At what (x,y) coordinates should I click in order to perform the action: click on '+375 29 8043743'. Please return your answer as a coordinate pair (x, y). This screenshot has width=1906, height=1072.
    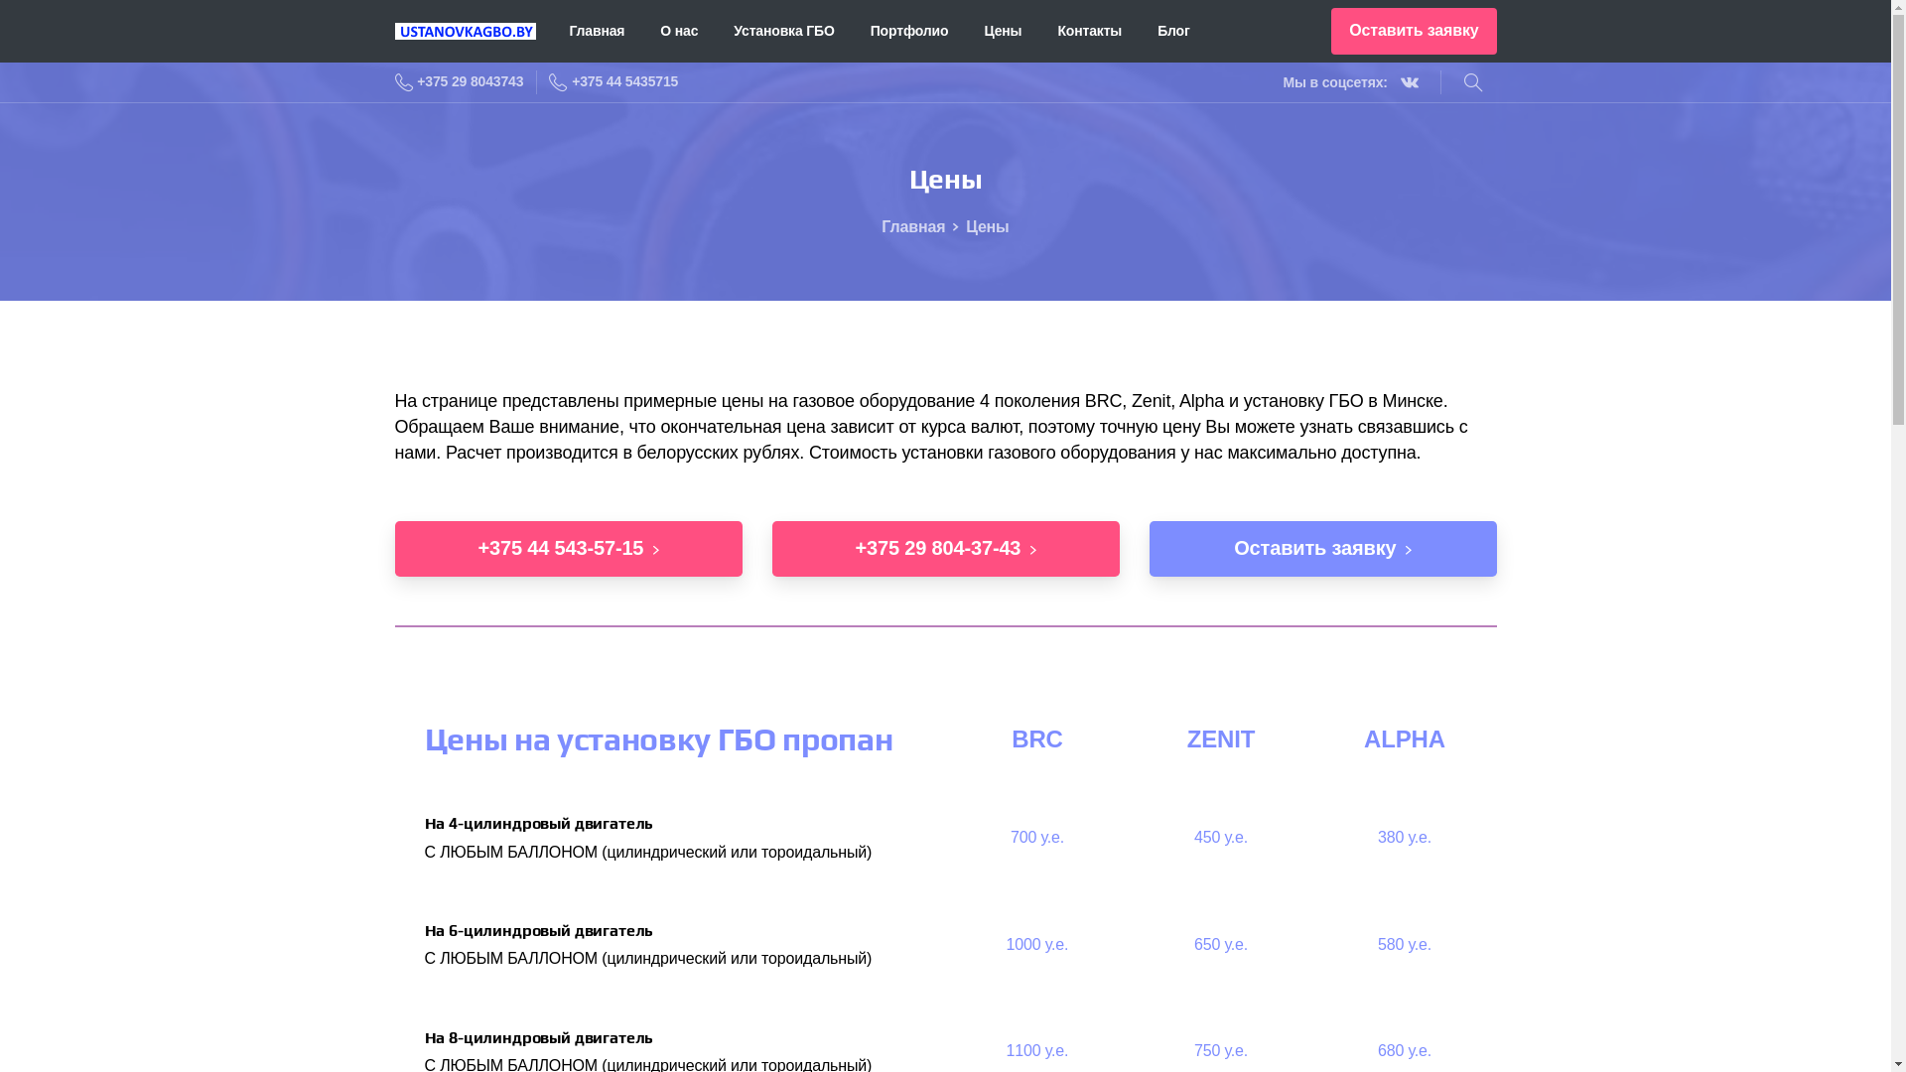
    Looking at the image, I should click on (395, 81).